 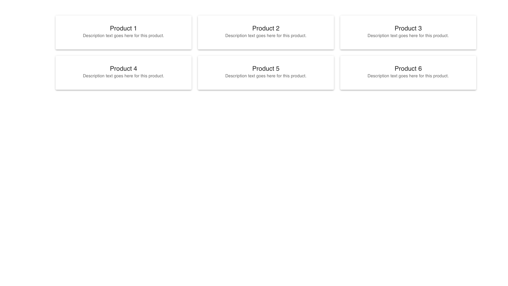 I want to click on the product display card located in the second row, middle column of a 2x3 grid layout, which provides a summary of the product's title and description, so click(x=266, y=73).